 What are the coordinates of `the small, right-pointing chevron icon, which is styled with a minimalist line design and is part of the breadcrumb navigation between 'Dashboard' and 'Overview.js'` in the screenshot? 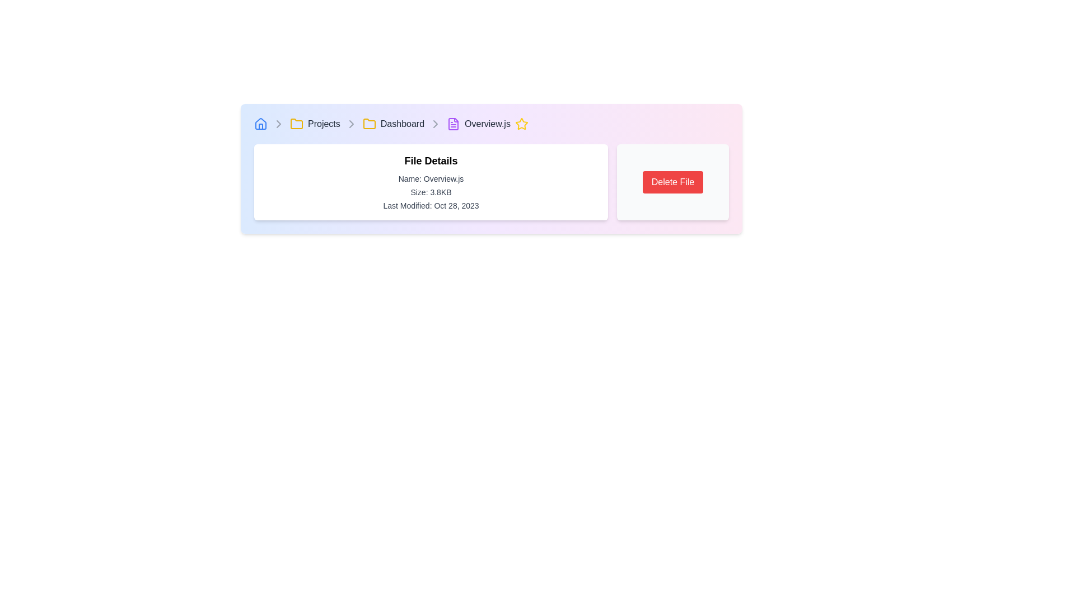 It's located at (434, 124).